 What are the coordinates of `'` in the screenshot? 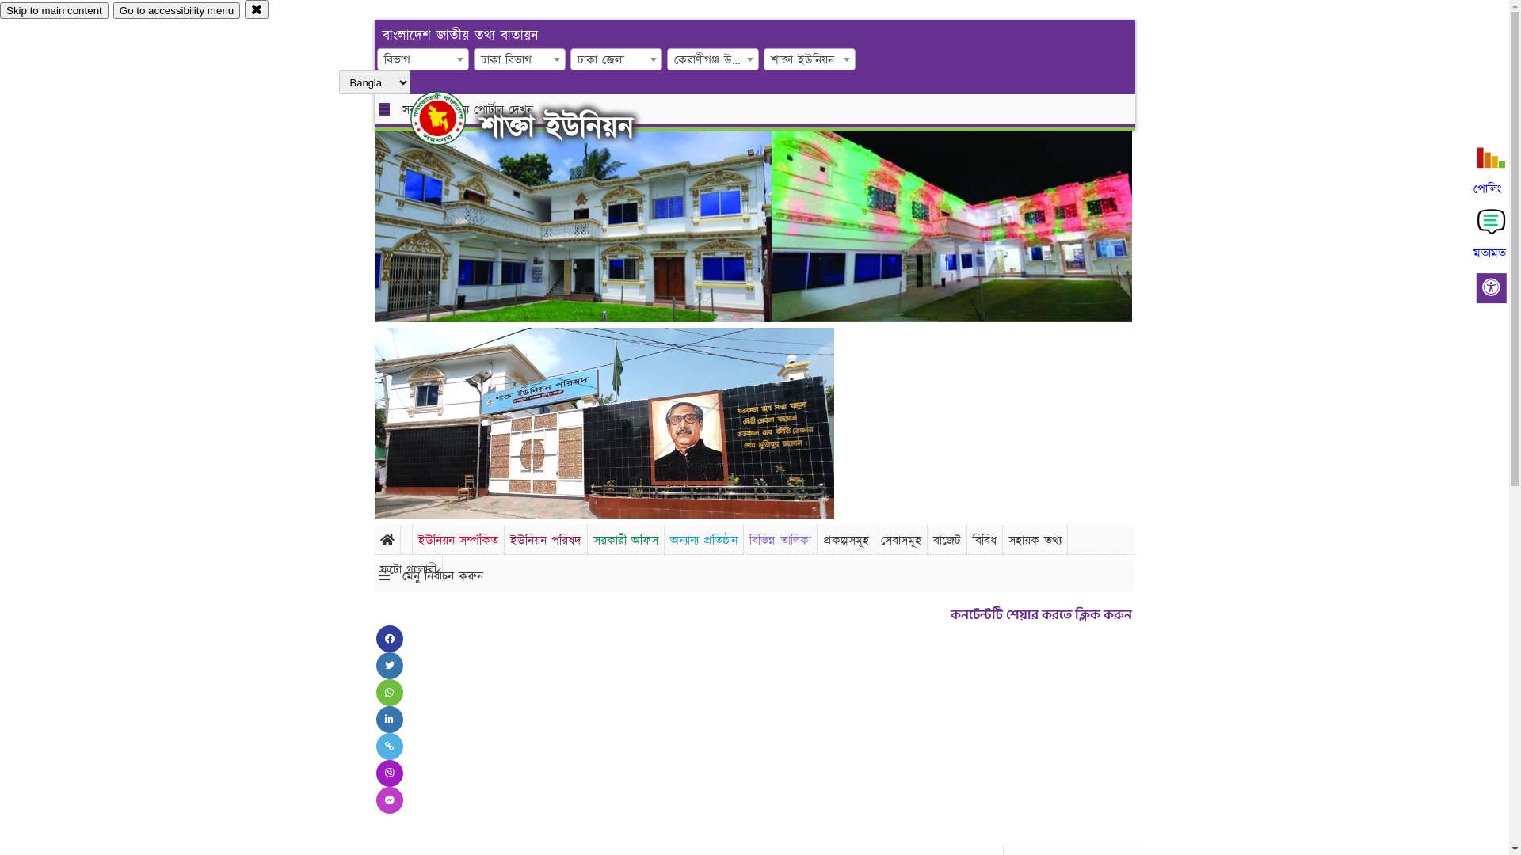 It's located at (451, 117).